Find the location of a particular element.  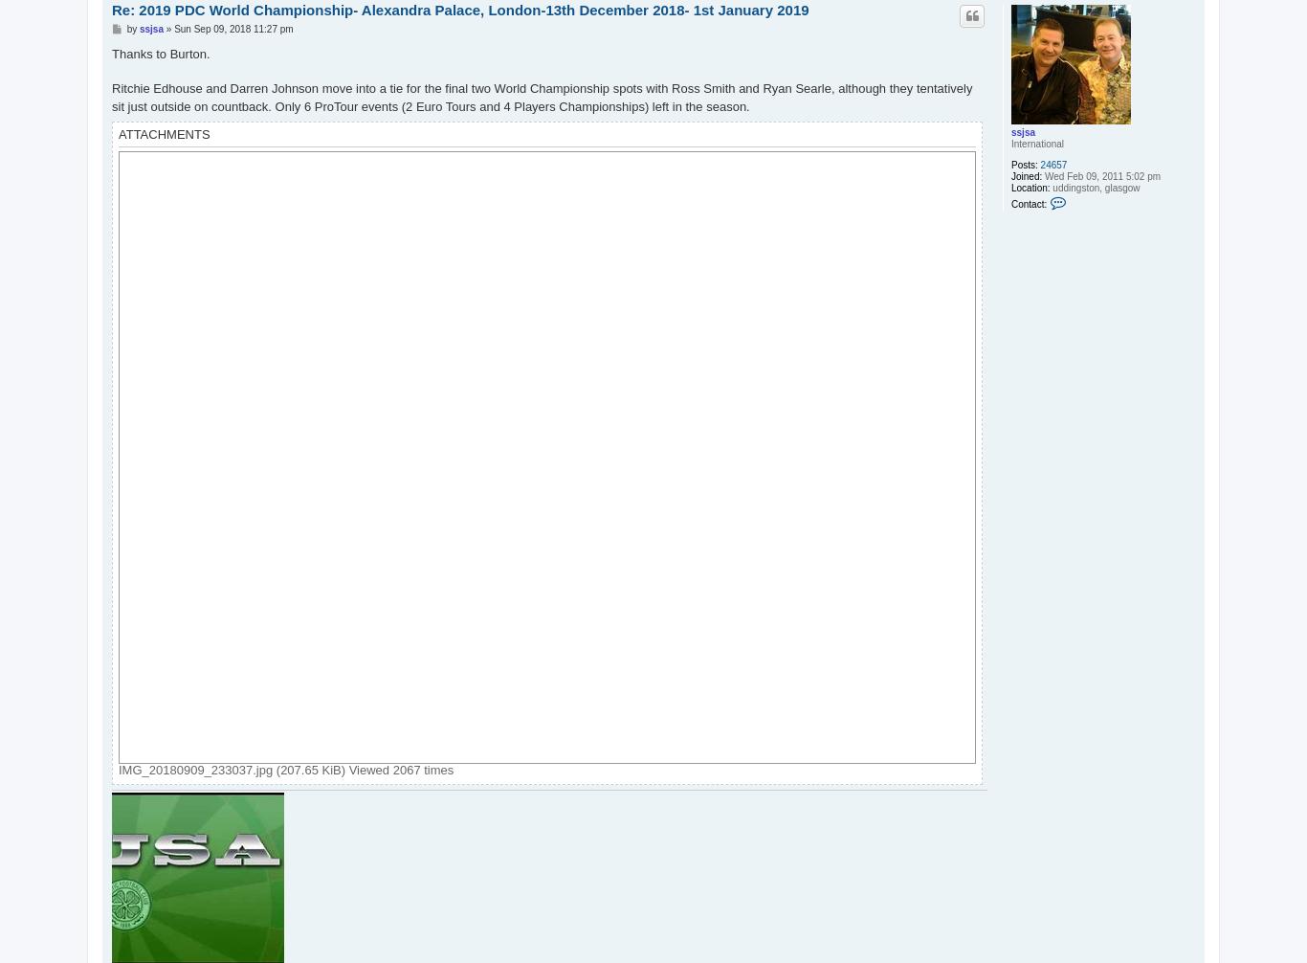

'International' is located at coordinates (1036, 143).